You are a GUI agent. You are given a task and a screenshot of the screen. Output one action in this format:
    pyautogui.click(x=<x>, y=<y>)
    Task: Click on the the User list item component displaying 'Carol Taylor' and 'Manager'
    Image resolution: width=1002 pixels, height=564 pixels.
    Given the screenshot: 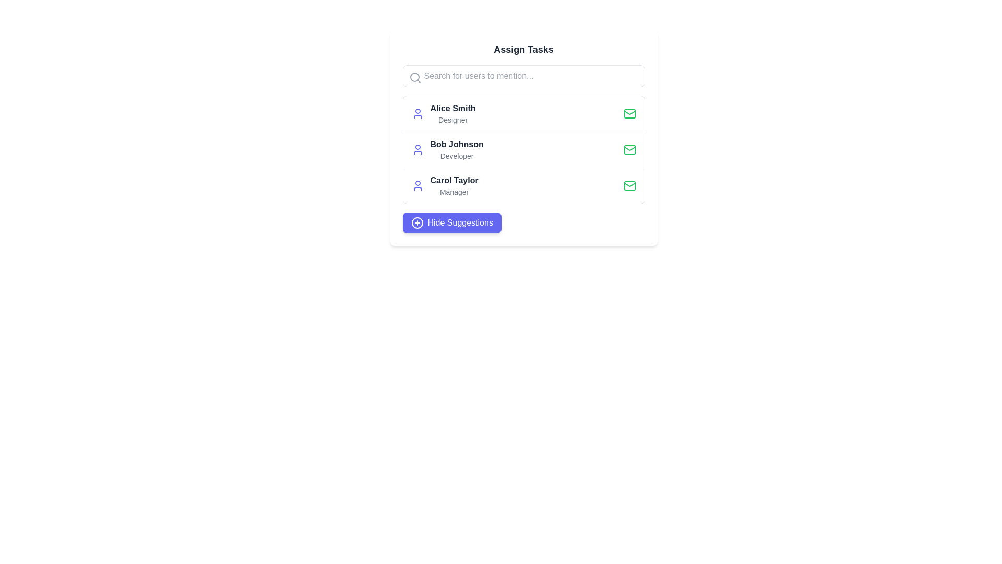 What is the action you would take?
    pyautogui.click(x=523, y=185)
    